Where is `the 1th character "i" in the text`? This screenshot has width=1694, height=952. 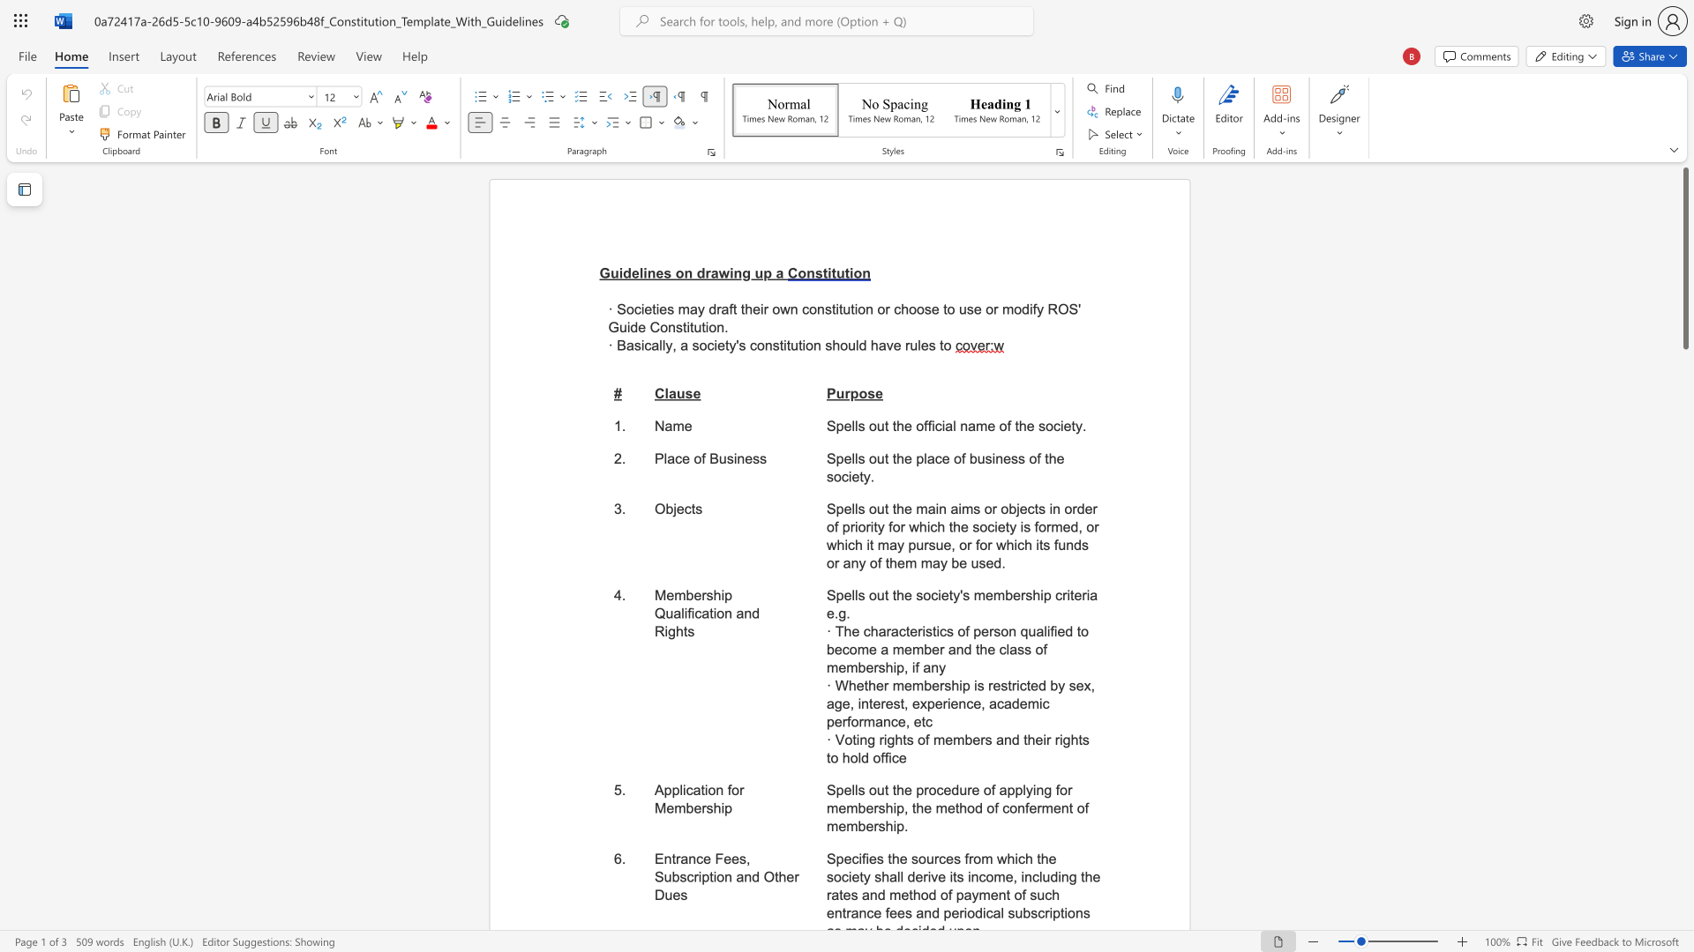 the 1th character "i" in the text is located at coordinates (641, 346).